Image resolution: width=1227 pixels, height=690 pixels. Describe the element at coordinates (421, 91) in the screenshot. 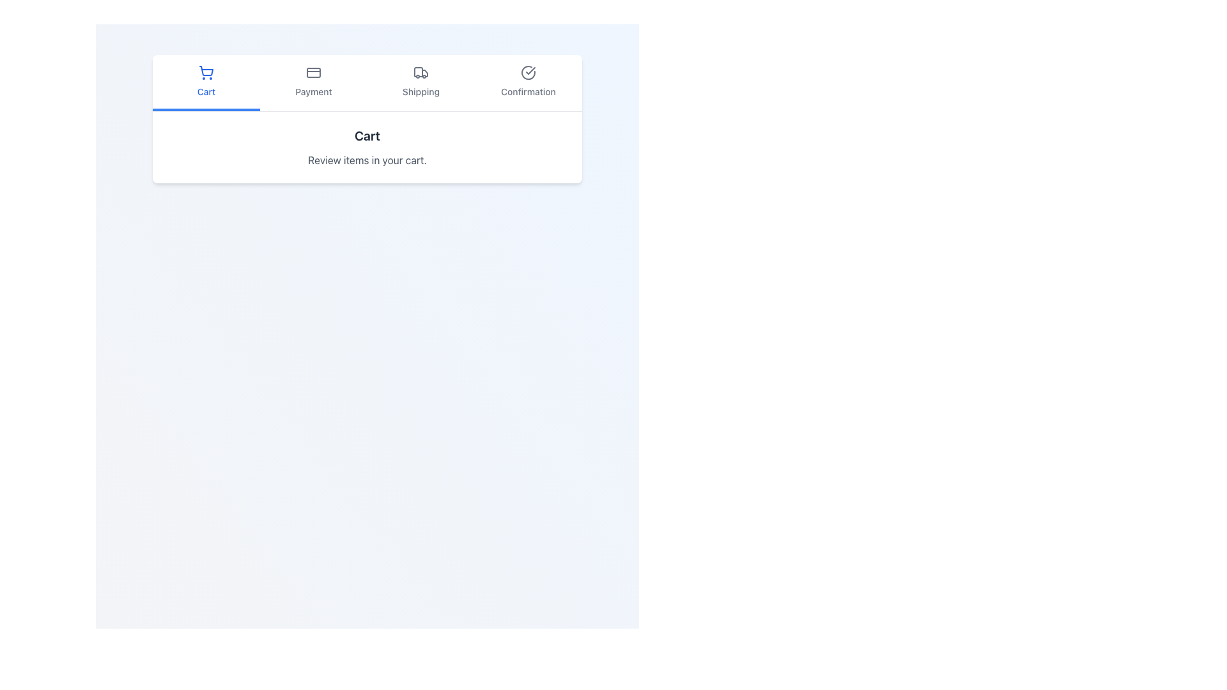

I see `text content of the 'Shipping' step label in the top navigation bar, which indicates the current stage of the checkout process` at that location.